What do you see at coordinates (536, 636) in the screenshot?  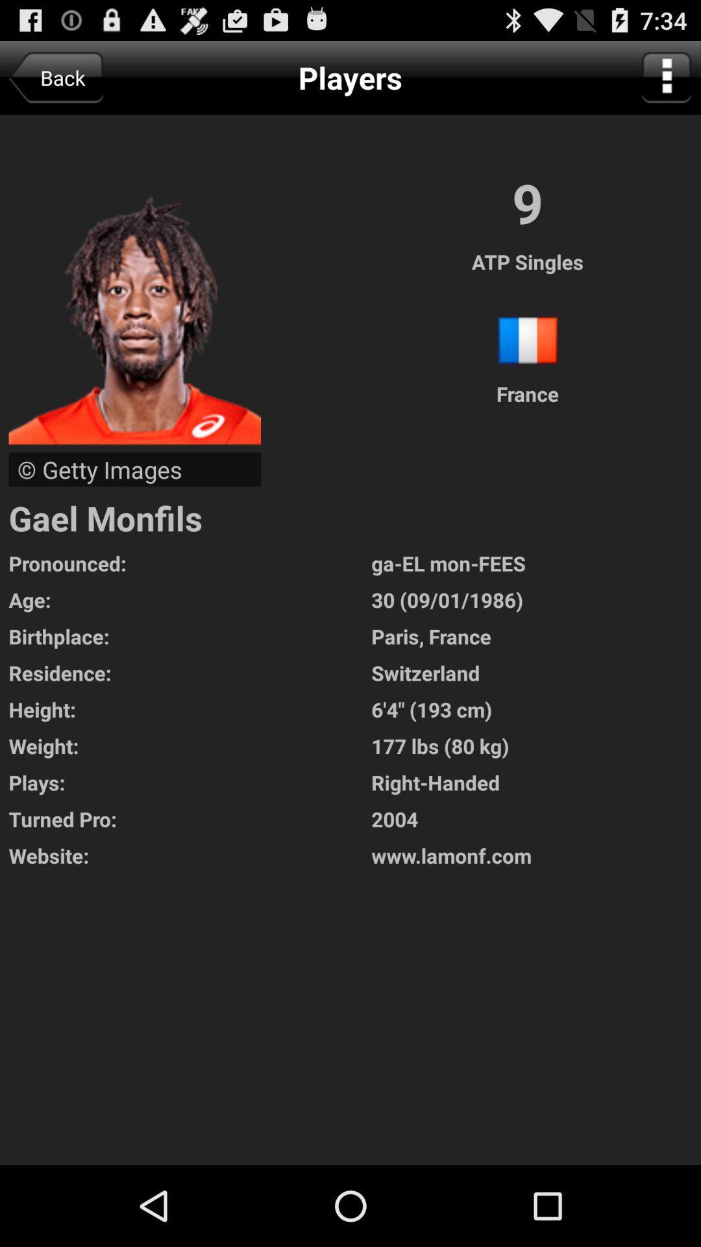 I see `the paris, france item` at bounding box center [536, 636].